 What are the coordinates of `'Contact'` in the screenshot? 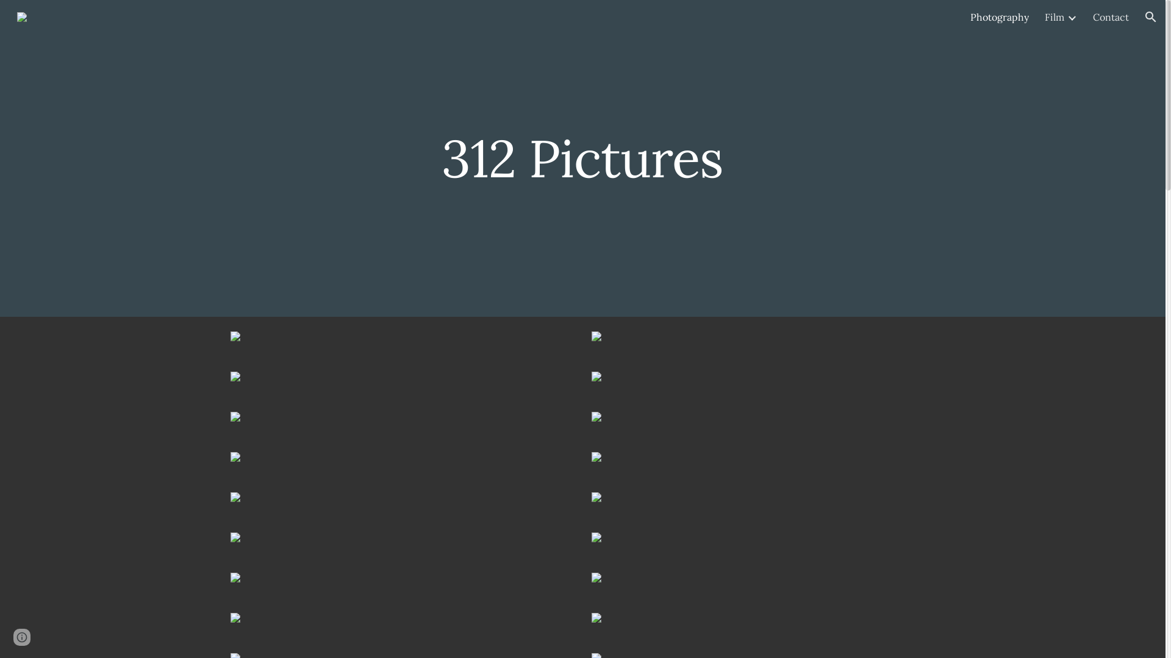 It's located at (1092, 16).